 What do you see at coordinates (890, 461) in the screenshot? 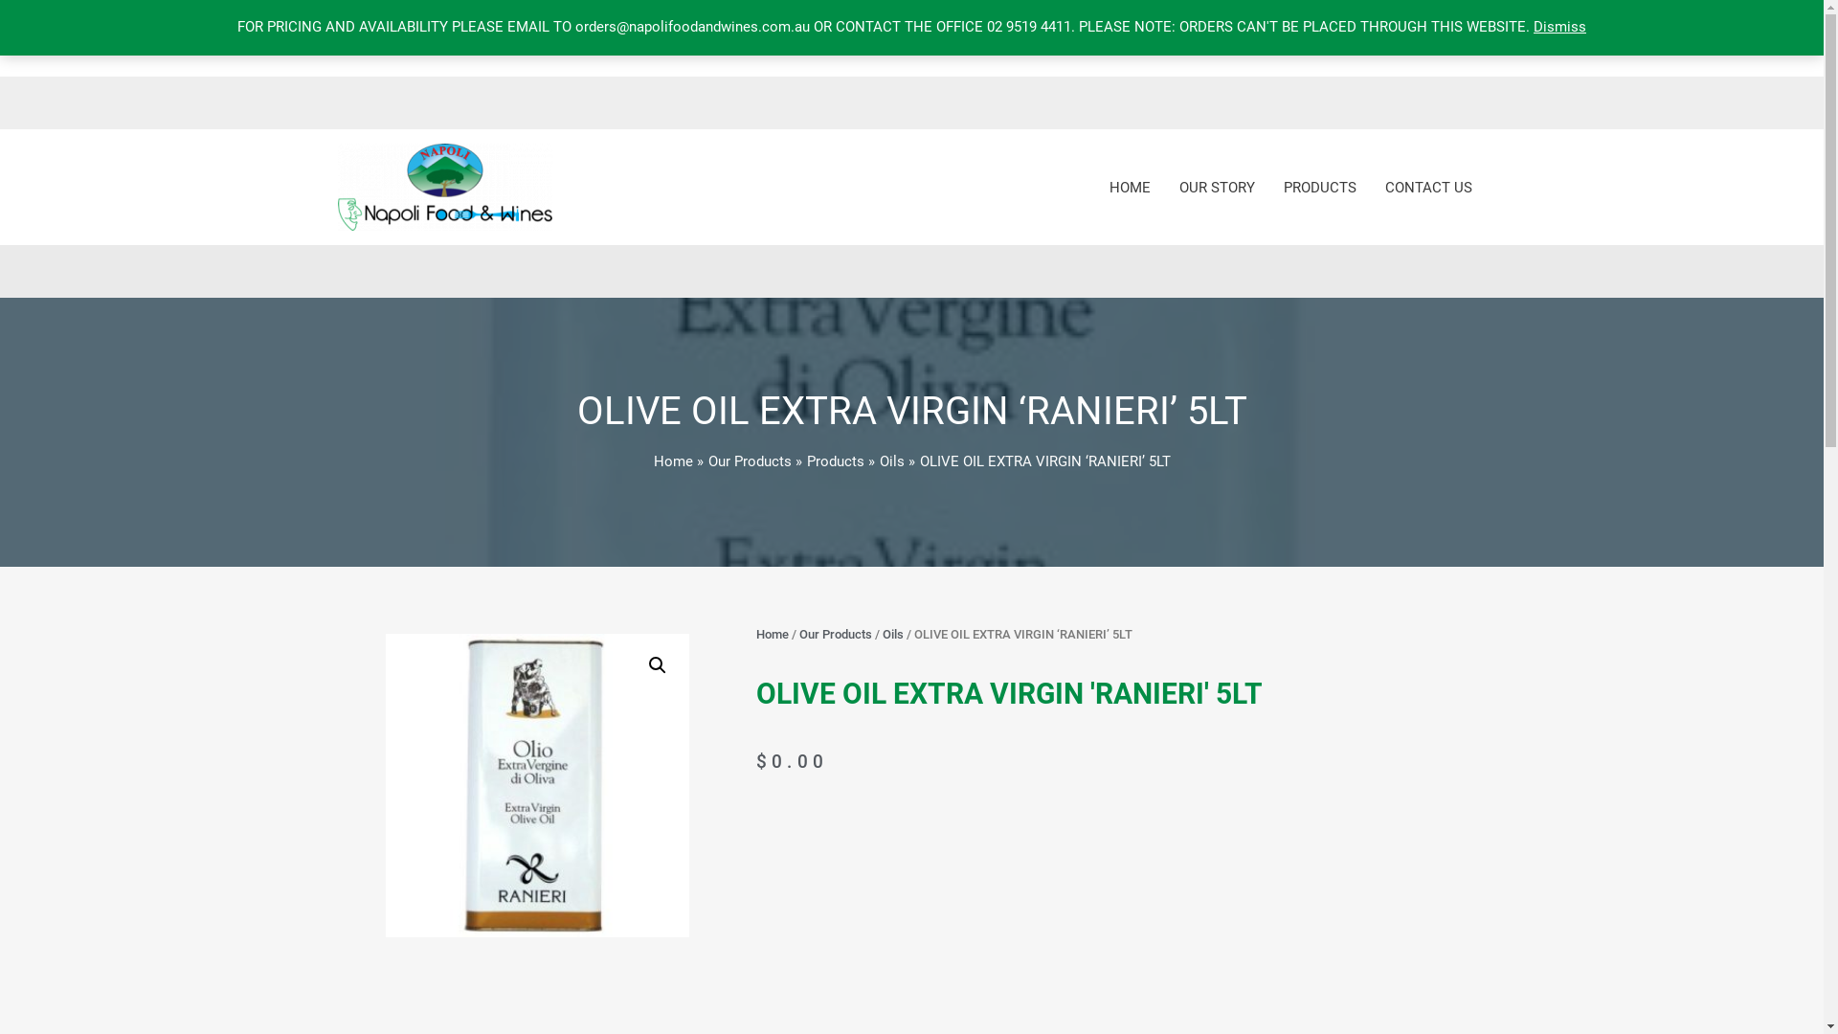
I see `'Oils'` at bounding box center [890, 461].